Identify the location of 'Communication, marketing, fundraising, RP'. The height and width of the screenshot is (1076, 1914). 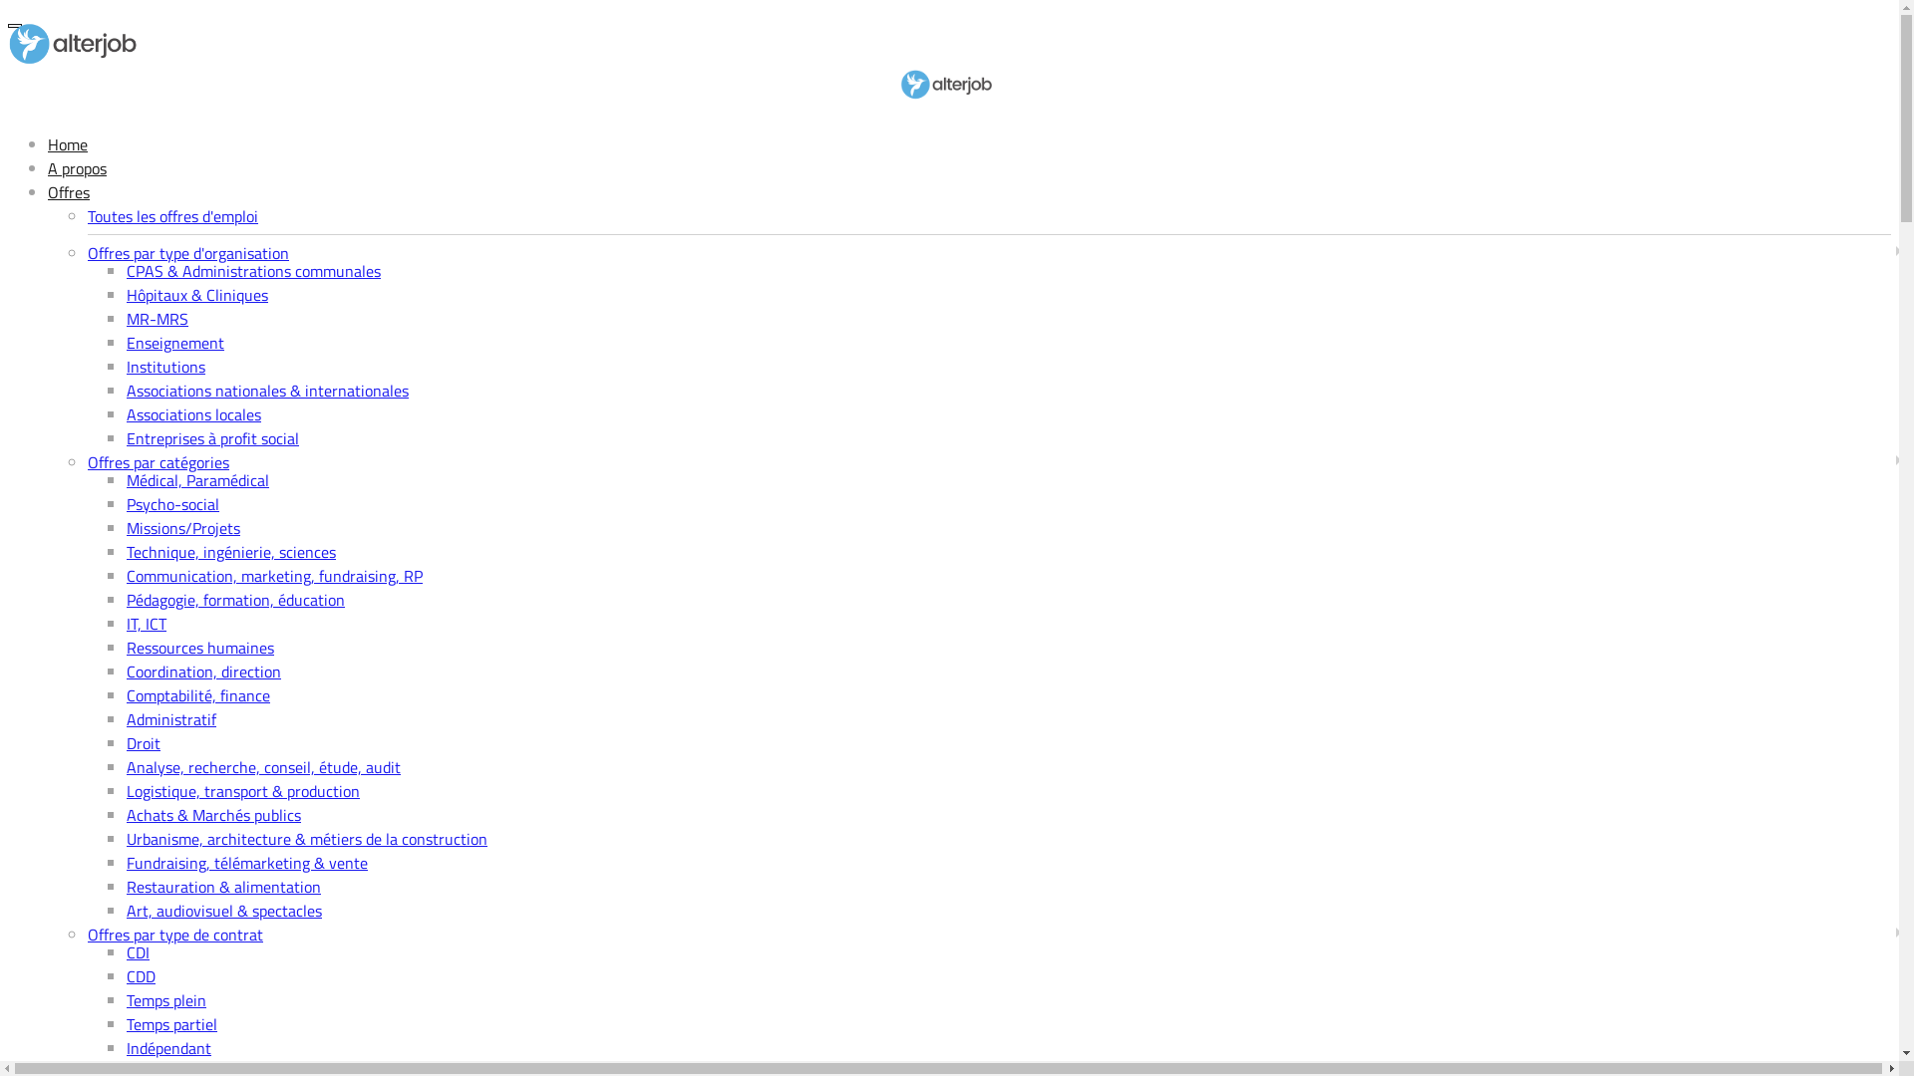
(273, 576).